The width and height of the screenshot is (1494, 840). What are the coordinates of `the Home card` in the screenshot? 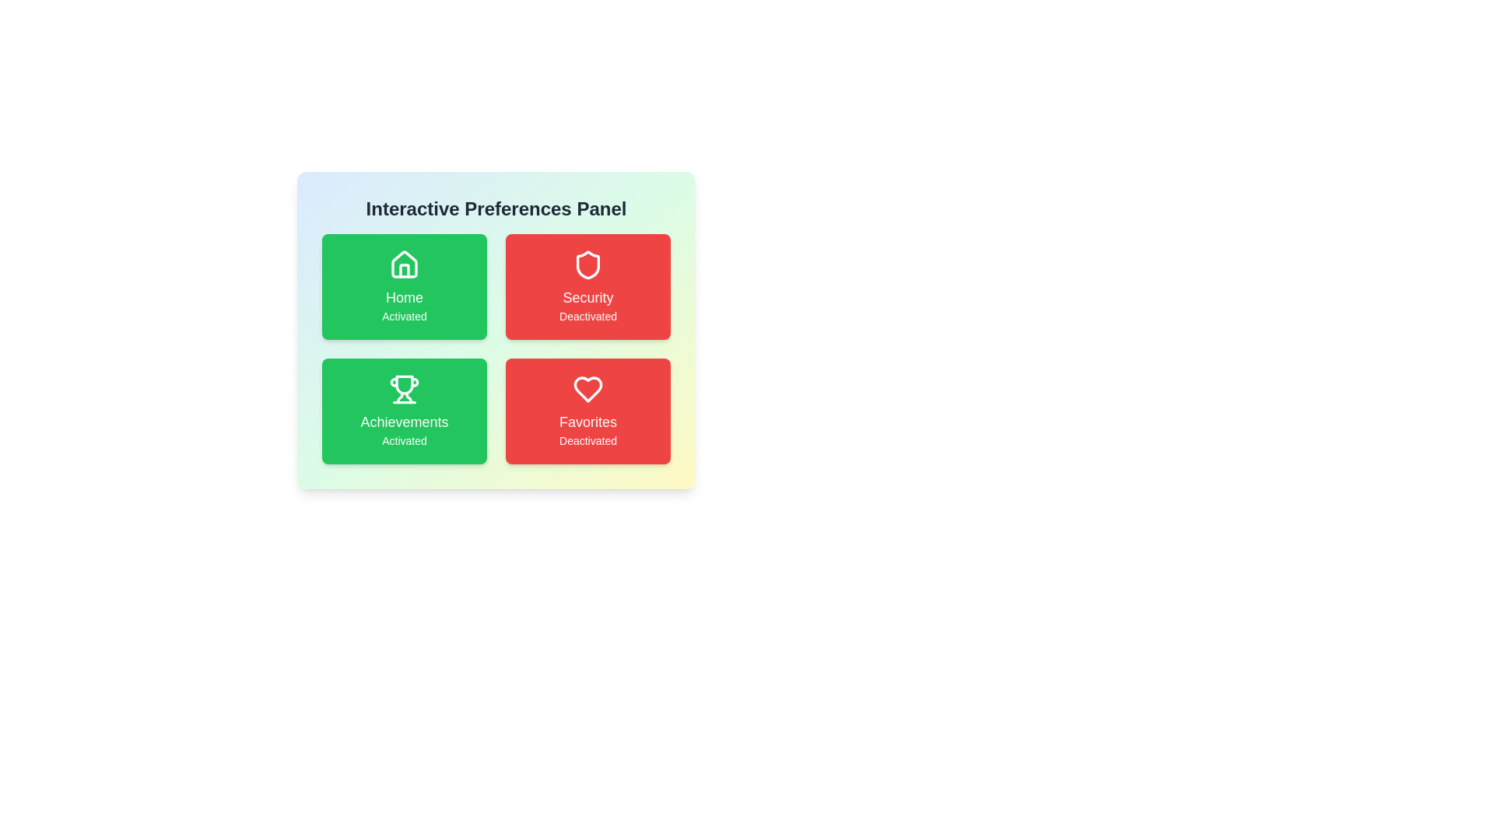 It's located at (404, 287).